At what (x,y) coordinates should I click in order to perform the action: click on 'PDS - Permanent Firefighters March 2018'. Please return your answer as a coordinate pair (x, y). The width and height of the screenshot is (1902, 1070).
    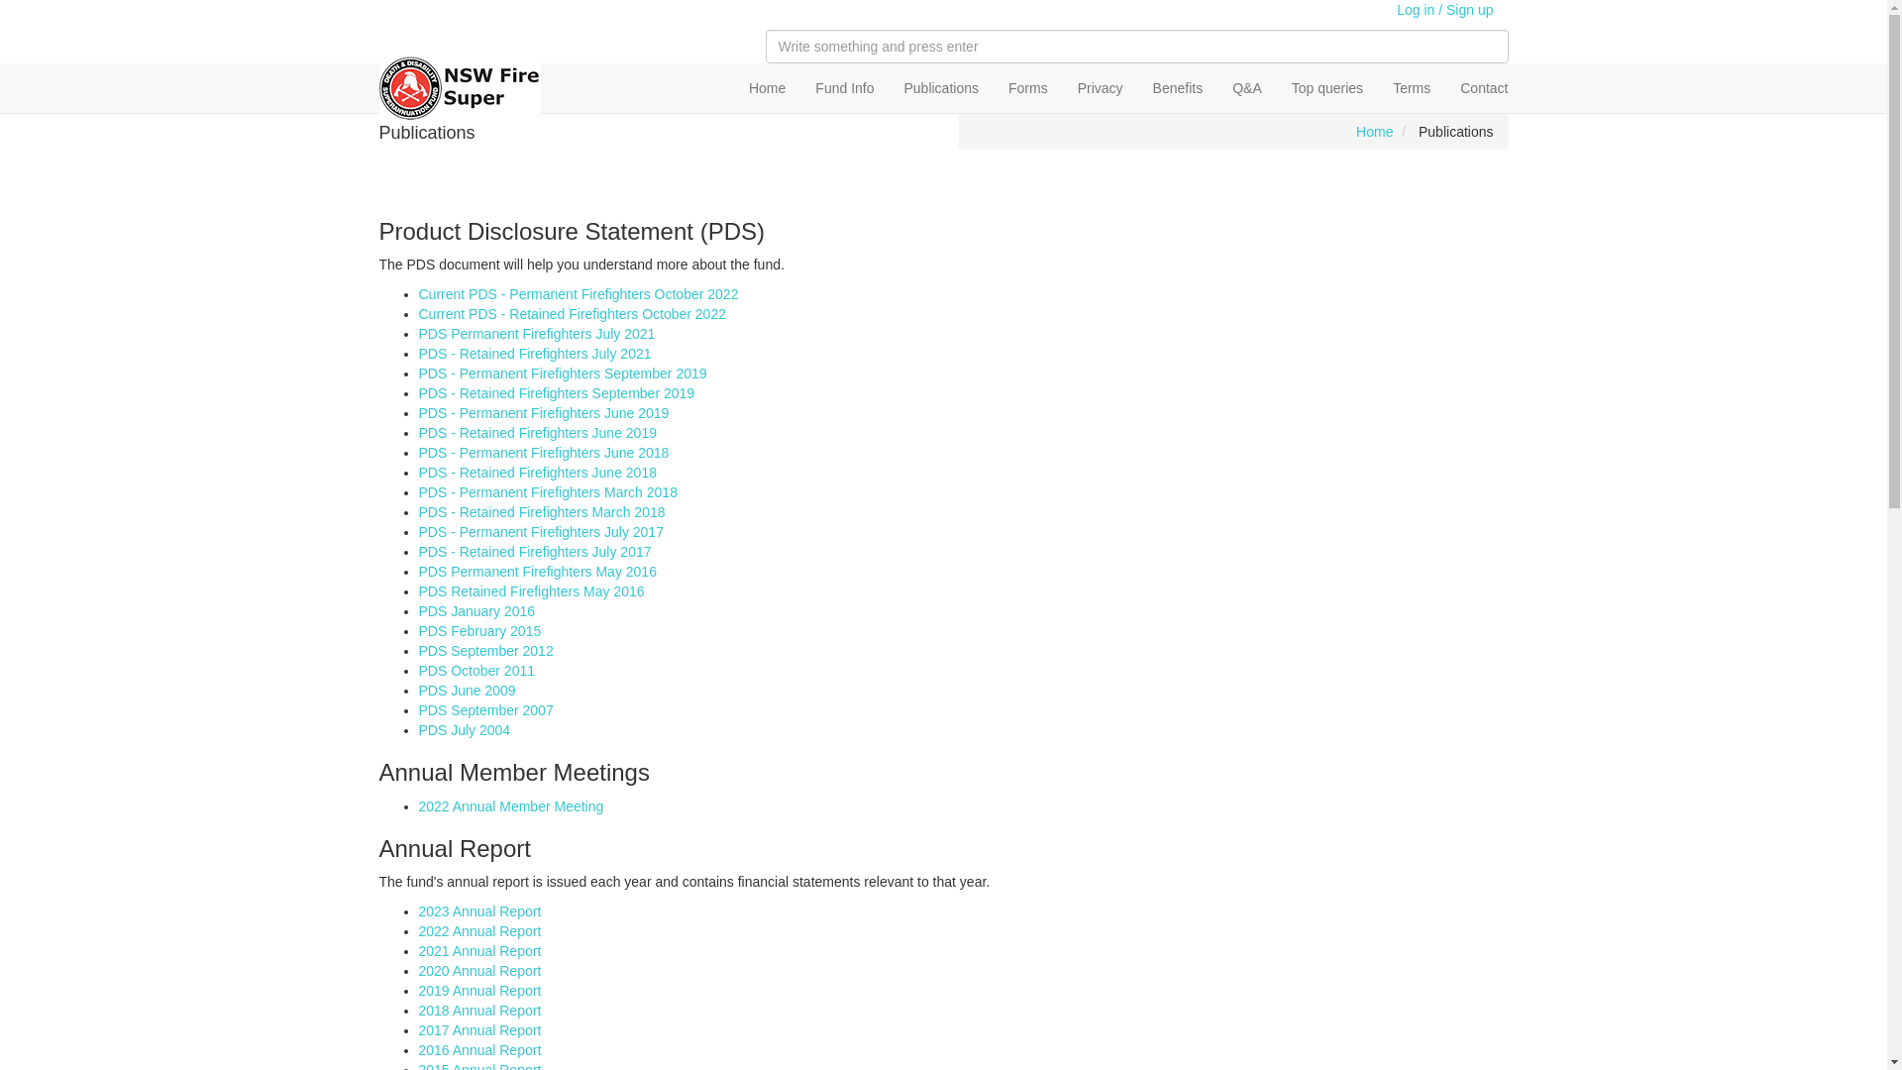
    Looking at the image, I should click on (547, 491).